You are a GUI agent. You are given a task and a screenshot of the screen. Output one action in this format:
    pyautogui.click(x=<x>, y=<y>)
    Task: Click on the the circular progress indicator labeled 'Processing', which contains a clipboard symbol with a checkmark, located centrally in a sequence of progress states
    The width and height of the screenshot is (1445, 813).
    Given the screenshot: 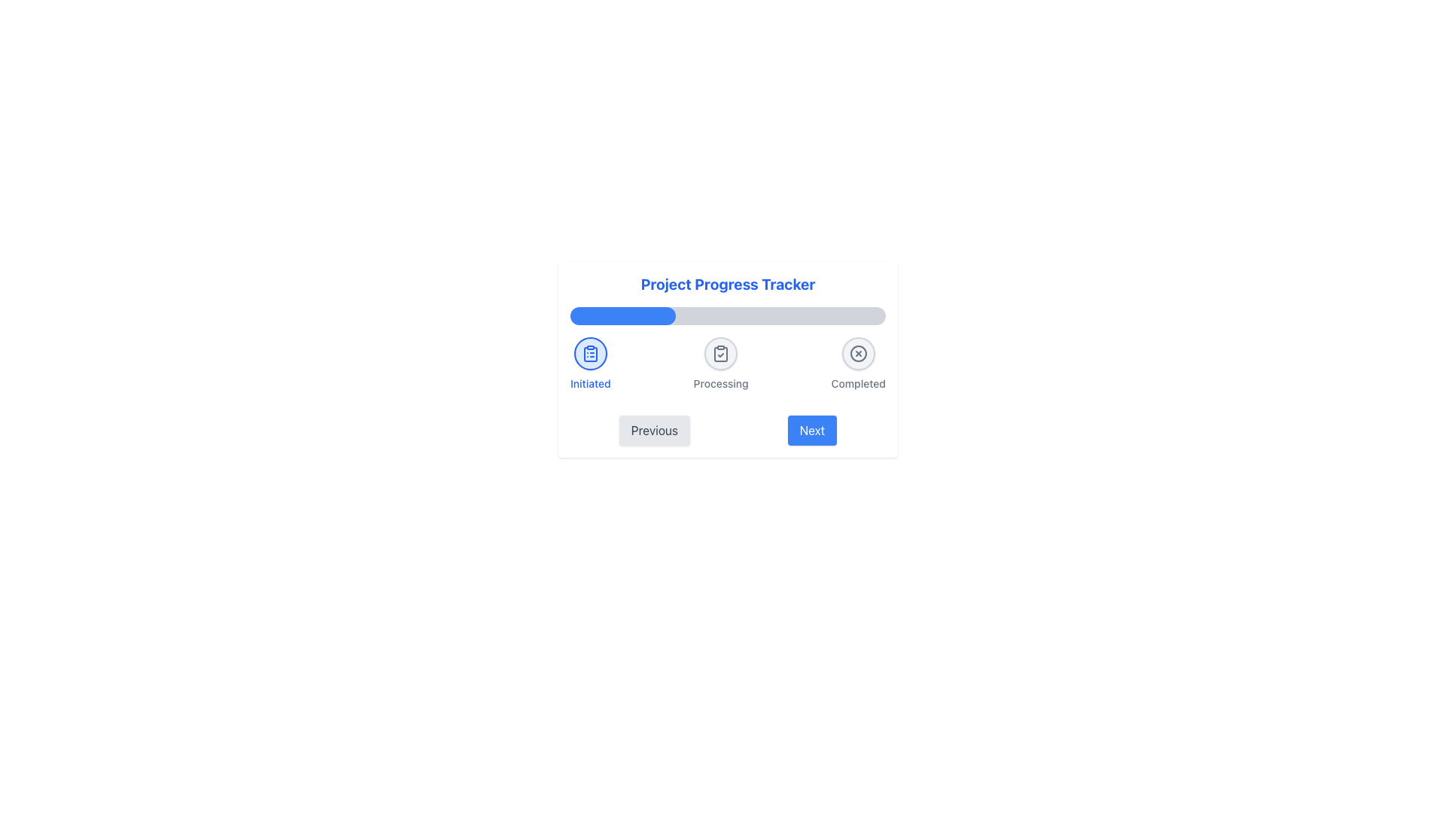 What is the action you would take?
    pyautogui.click(x=720, y=364)
    